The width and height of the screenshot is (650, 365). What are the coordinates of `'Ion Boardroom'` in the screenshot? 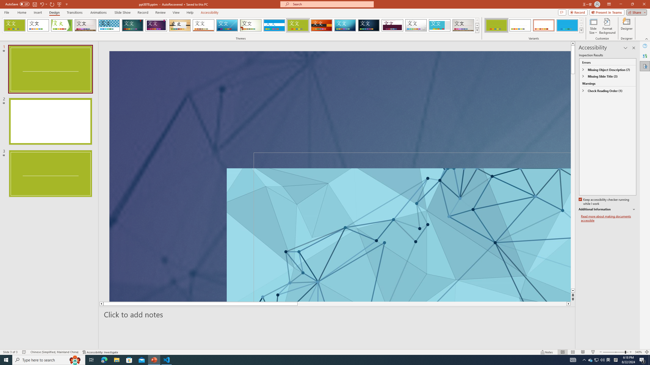 It's located at (156, 25).